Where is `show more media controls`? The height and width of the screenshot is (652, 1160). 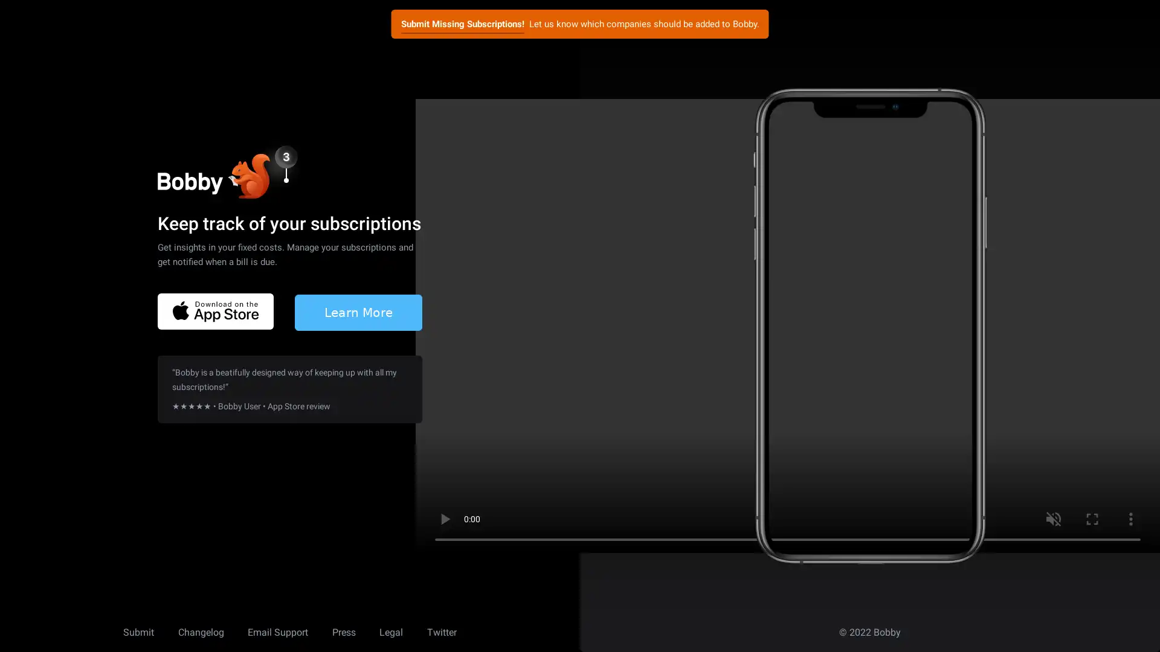
show more media controls is located at coordinates (1130, 519).